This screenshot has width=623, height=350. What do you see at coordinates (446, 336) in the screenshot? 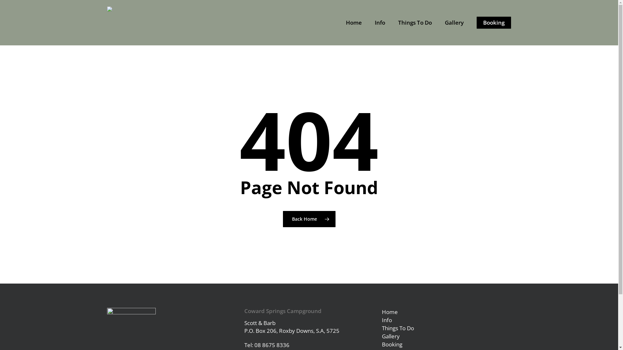
I see `'Gallery'` at bounding box center [446, 336].